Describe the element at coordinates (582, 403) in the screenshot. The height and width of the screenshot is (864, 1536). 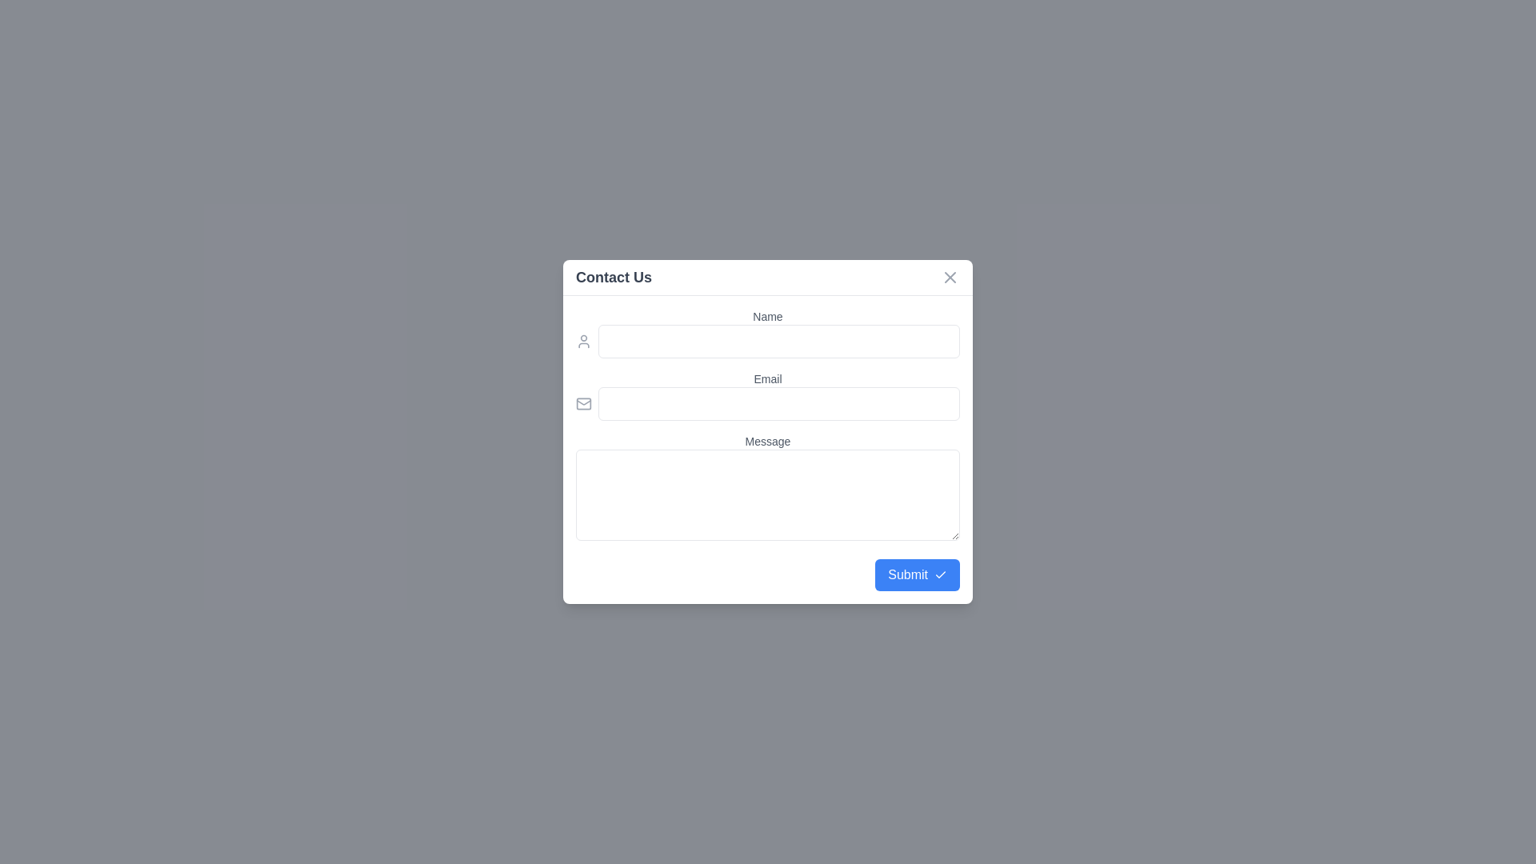
I see `the gray envelope icon representing a closed mail symbol located to the left of the email input field in the 'Contact Us' form` at that location.